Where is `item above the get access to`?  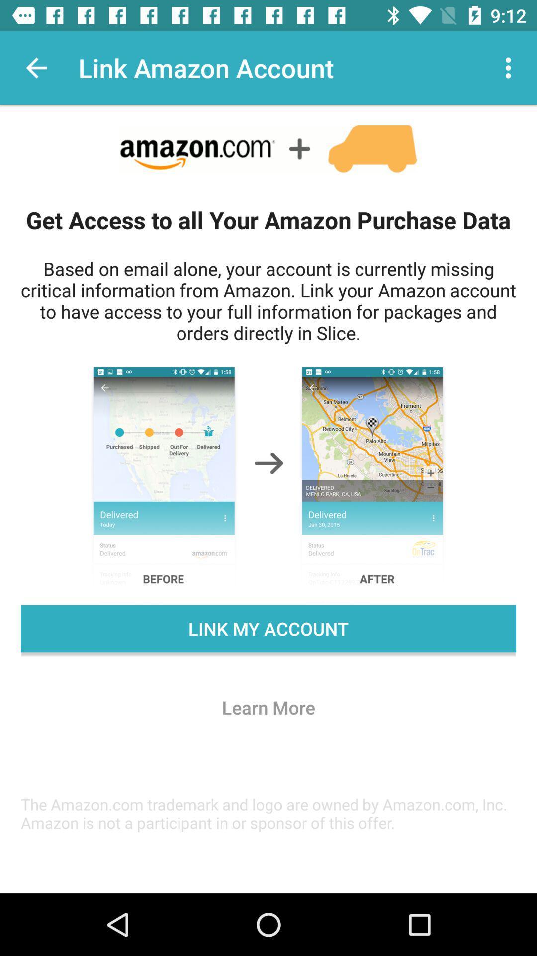 item above the get access to is located at coordinates (36, 67).